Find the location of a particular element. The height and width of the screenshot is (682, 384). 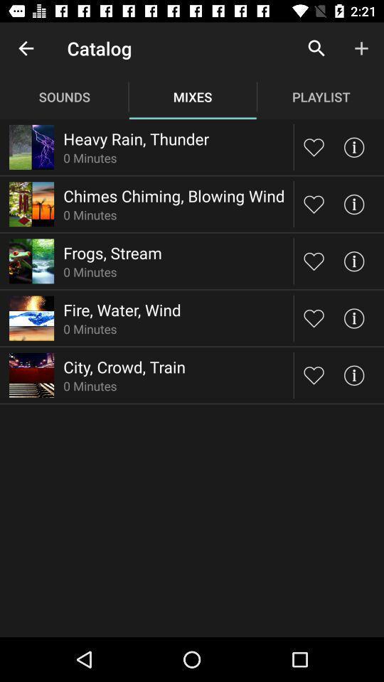

check information is located at coordinates (353, 318).